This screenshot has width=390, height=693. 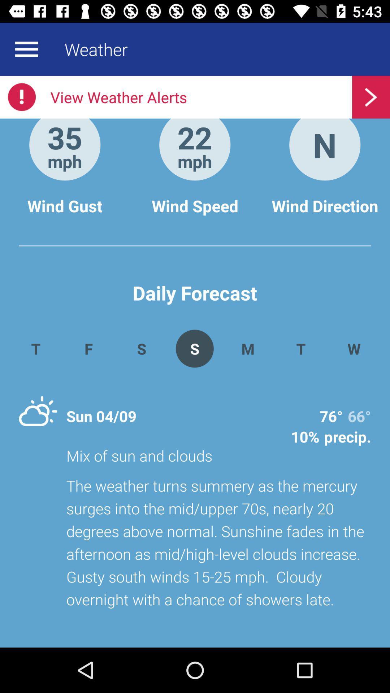 I want to click on the icon next to t icon, so click(x=247, y=348).